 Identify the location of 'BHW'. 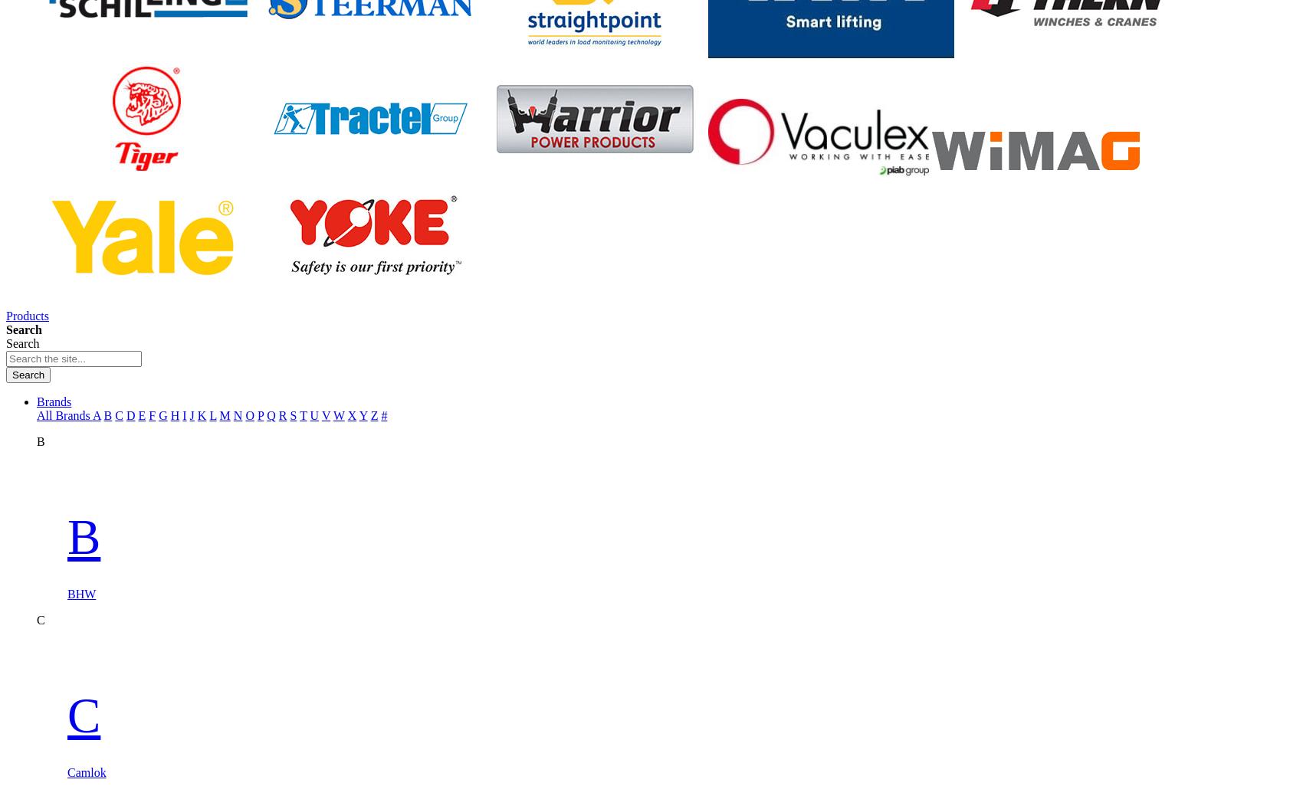
(81, 592).